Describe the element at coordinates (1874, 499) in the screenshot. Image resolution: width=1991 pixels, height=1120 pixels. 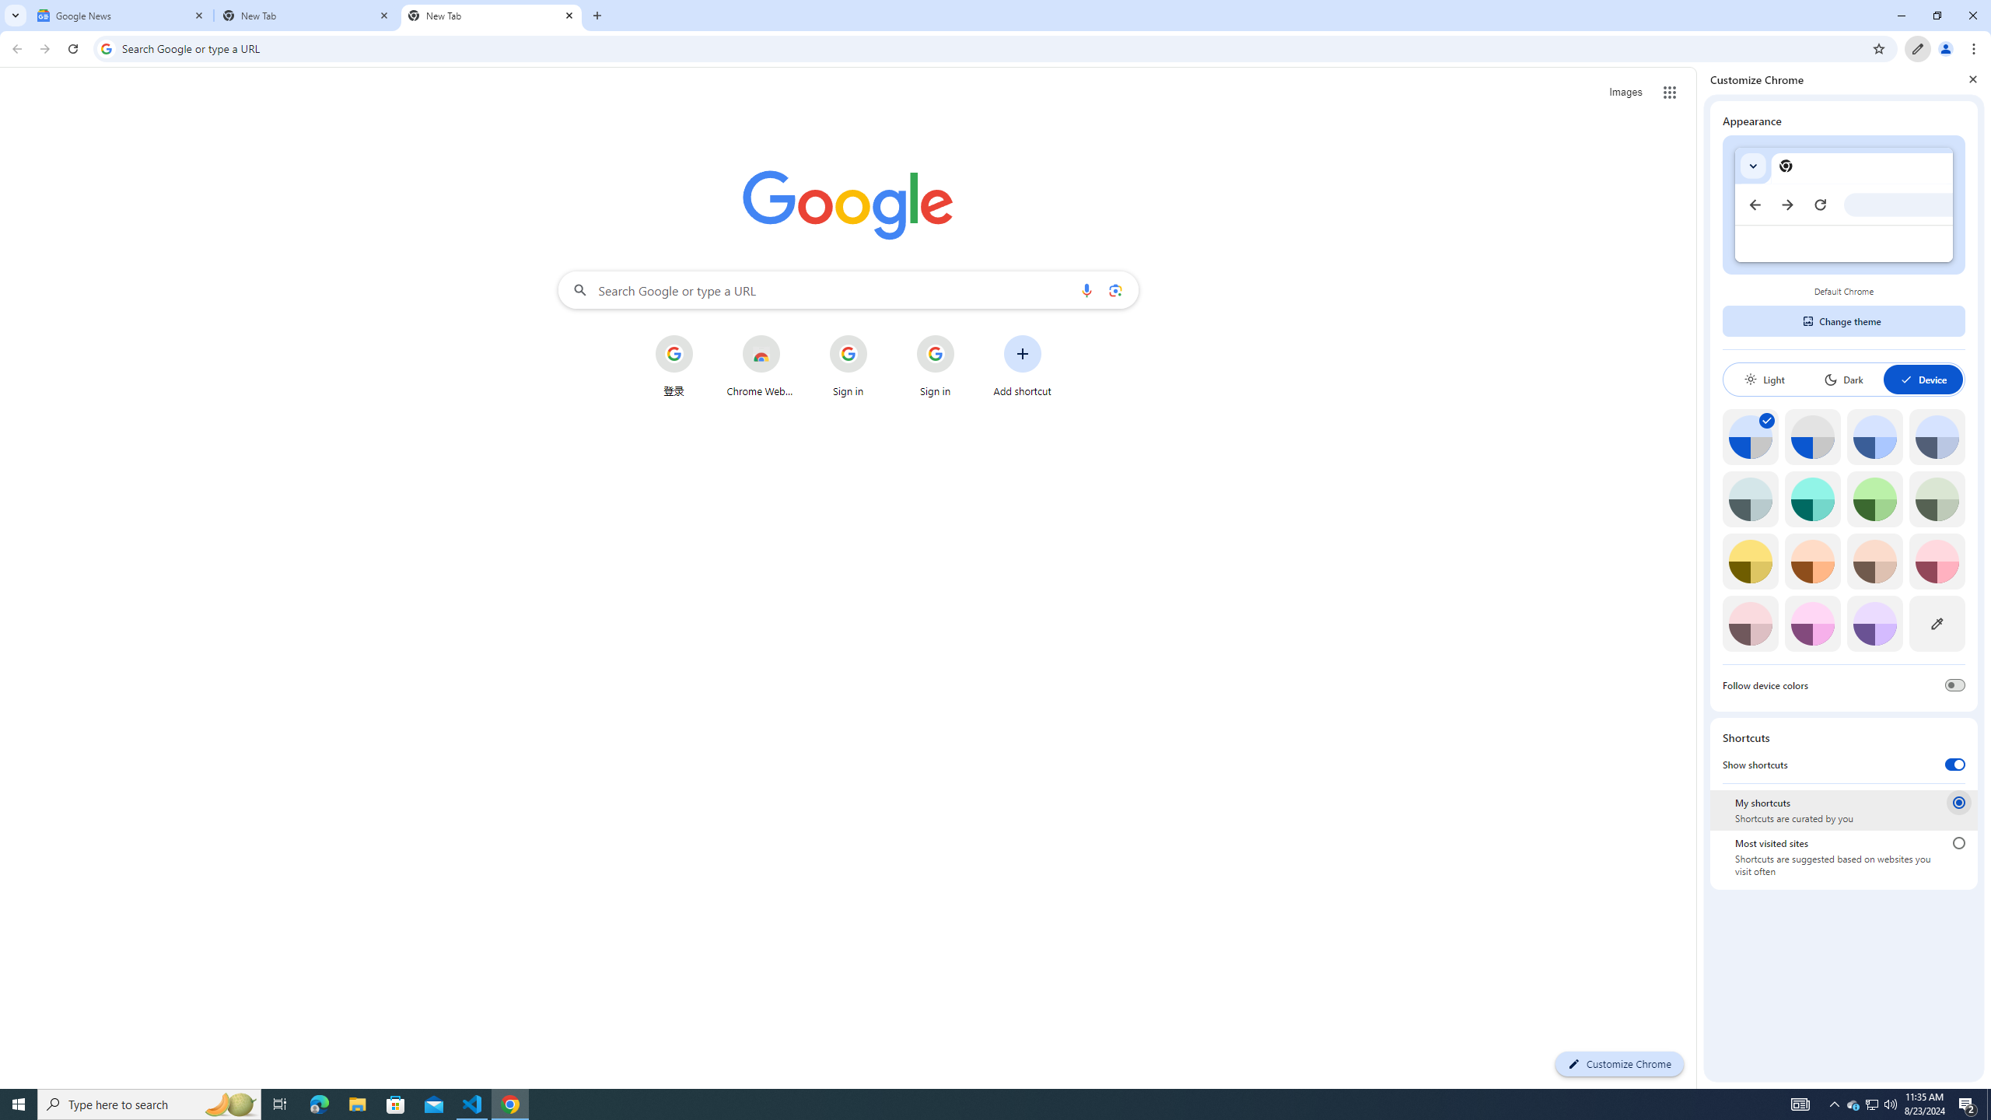
I see `'Green'` at that location.